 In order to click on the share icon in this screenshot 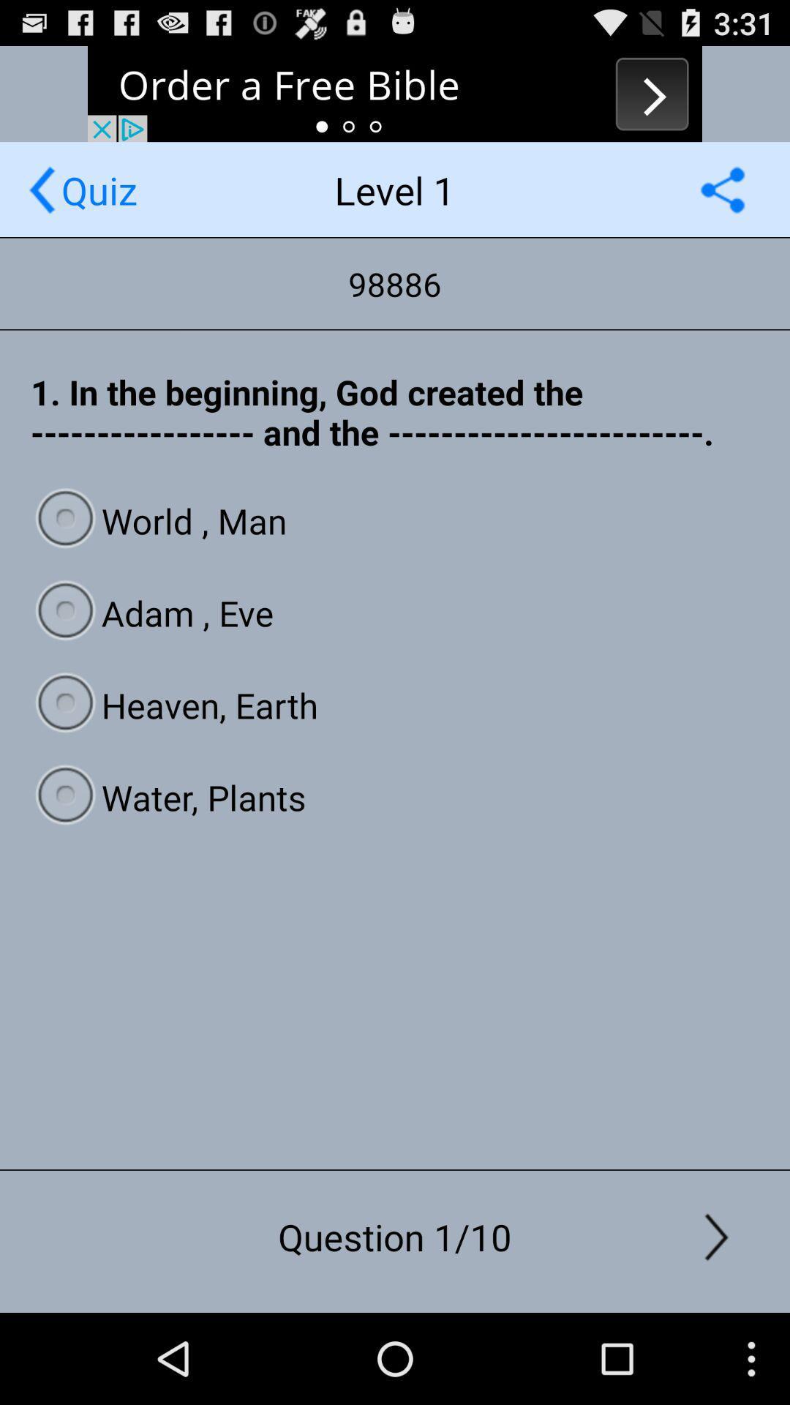, I will do `click(722, 203)`.